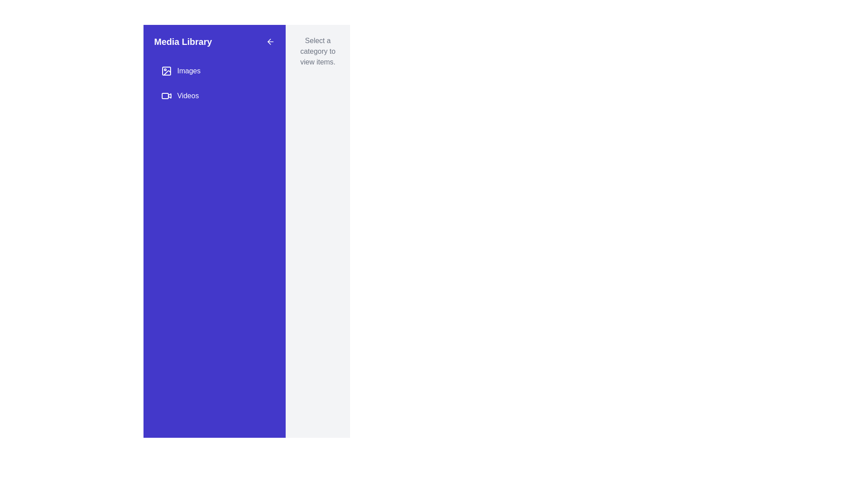 Image resolution: width=853 pixels, height=480 pixels. I want to click on the button located at the top-right corner of the purple sidebar labeled 'Media Library', so click(270, 41).